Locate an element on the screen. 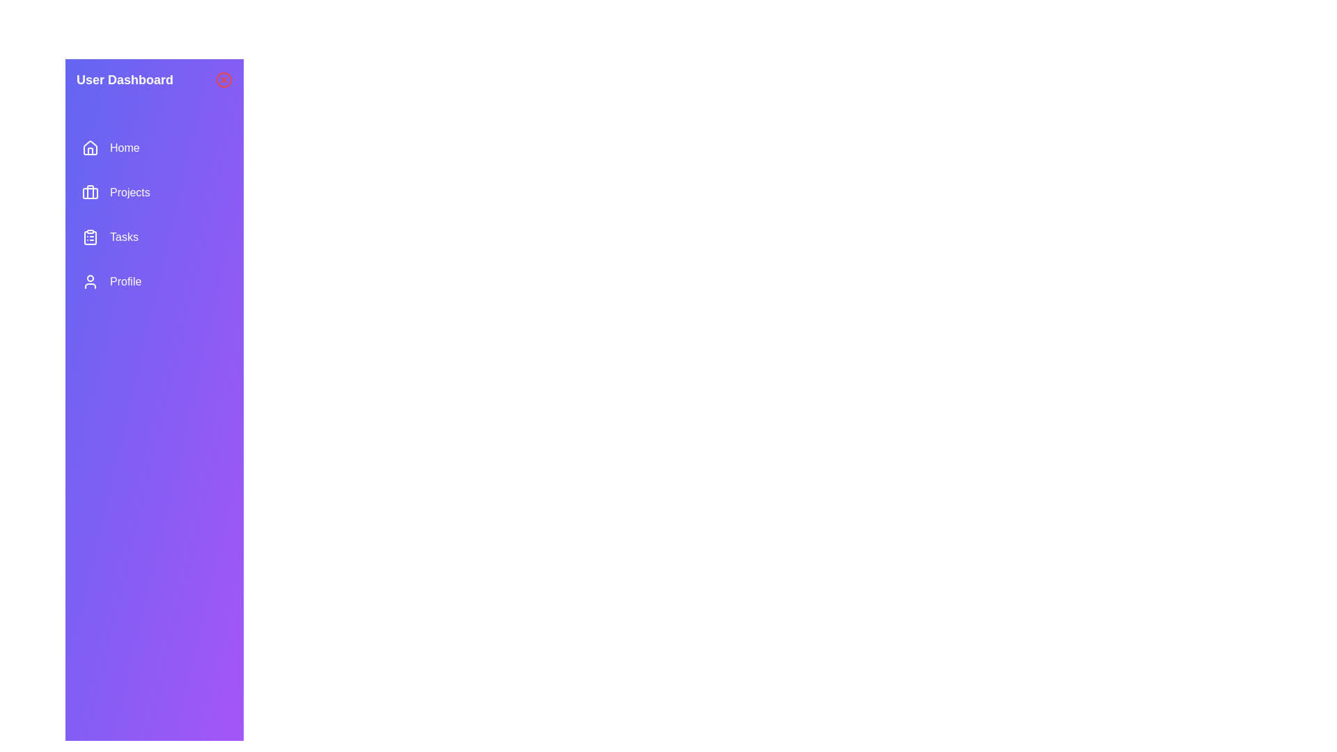 This screenshot has width=1337, height=752. the third menu item in the vertical navigation bar is located at coordinates (154, 236).